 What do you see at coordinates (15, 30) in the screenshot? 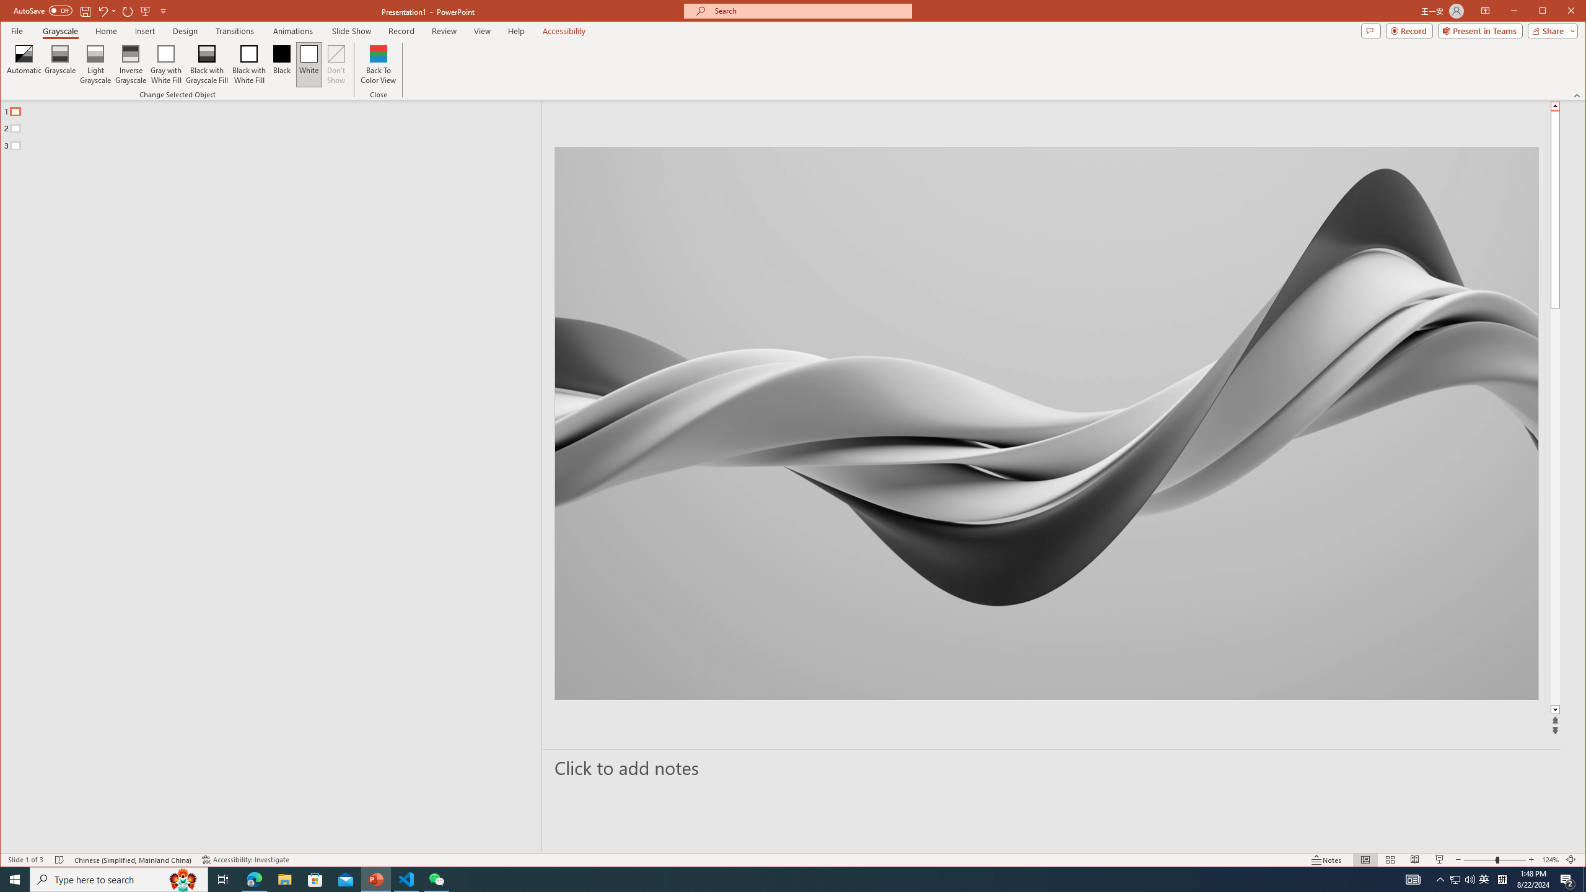
I see `'File Tab'` at bounding box center [15, 30].